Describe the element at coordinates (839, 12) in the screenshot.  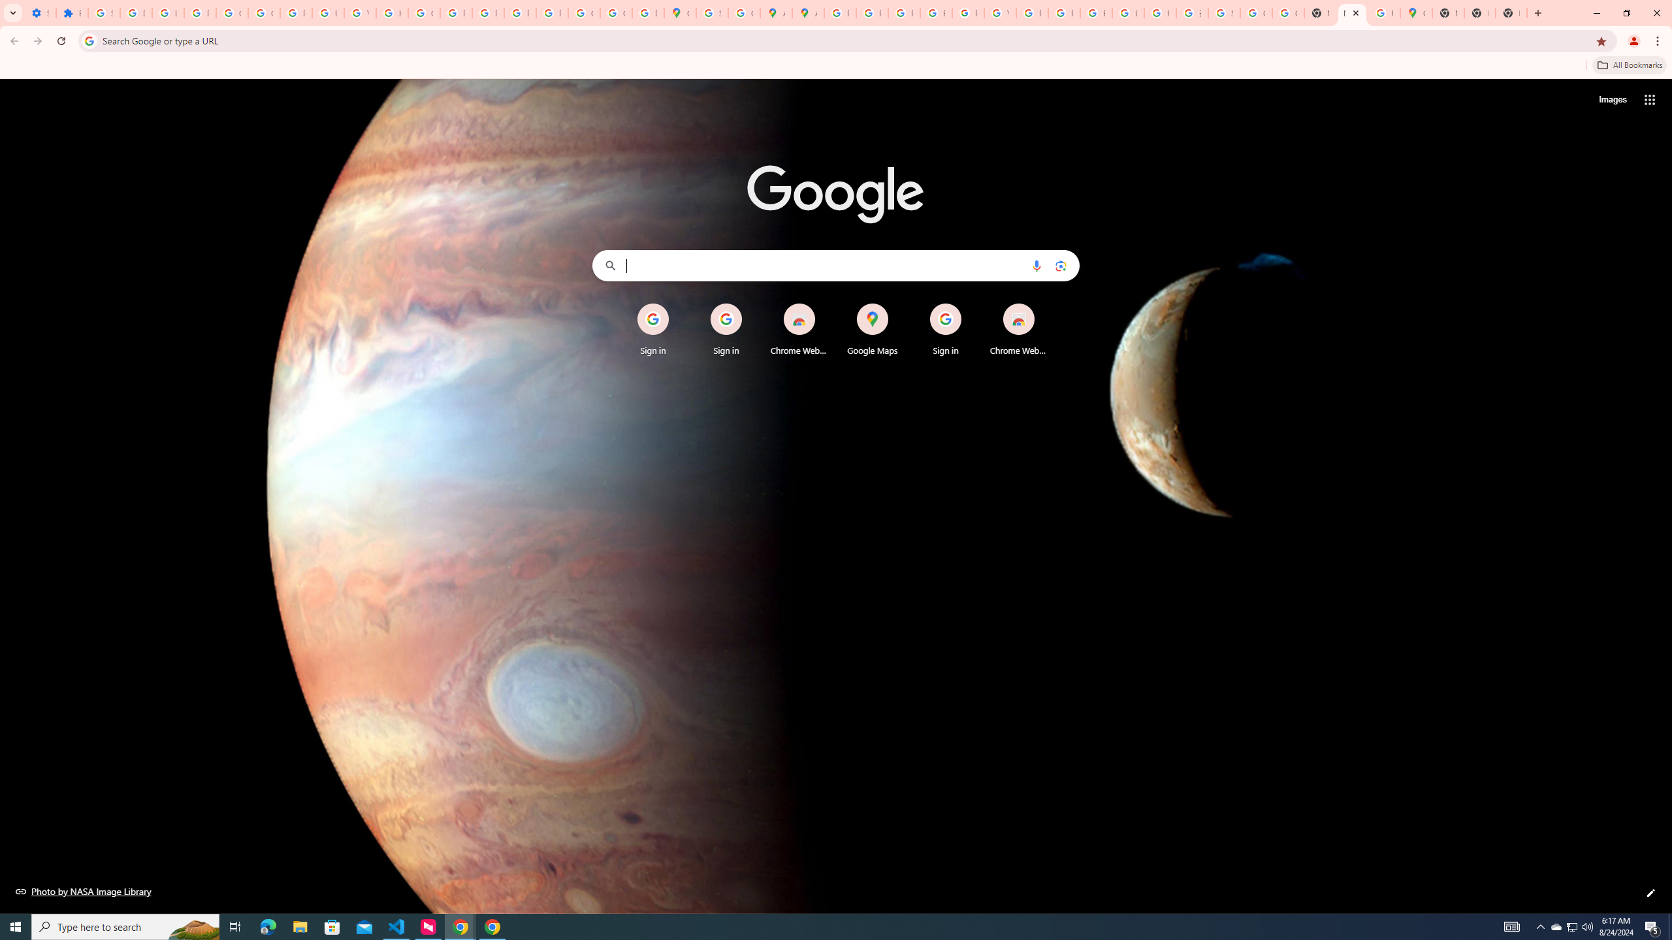
I see `'Policy Accountability and Transparency - Transparency Center'` at that location.